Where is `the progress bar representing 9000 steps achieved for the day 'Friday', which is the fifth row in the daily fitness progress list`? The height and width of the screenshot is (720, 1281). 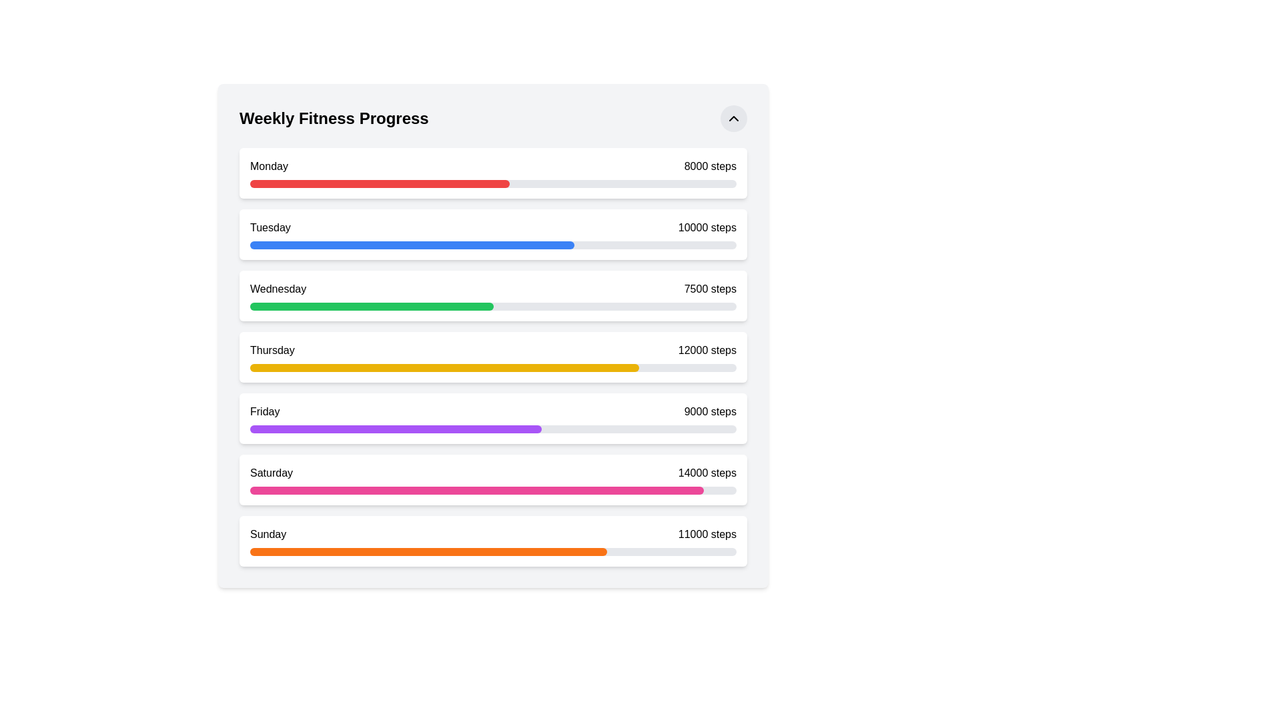 the progress bar representing 9000 steps achieved for the day 'Friday', which is the fifth row in the daily fitness progress list is located at coordinates (492, 427).